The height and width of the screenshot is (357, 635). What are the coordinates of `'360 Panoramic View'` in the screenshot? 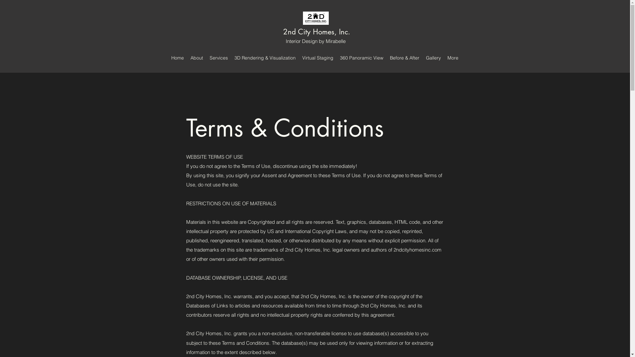 It's located at (361, 57).